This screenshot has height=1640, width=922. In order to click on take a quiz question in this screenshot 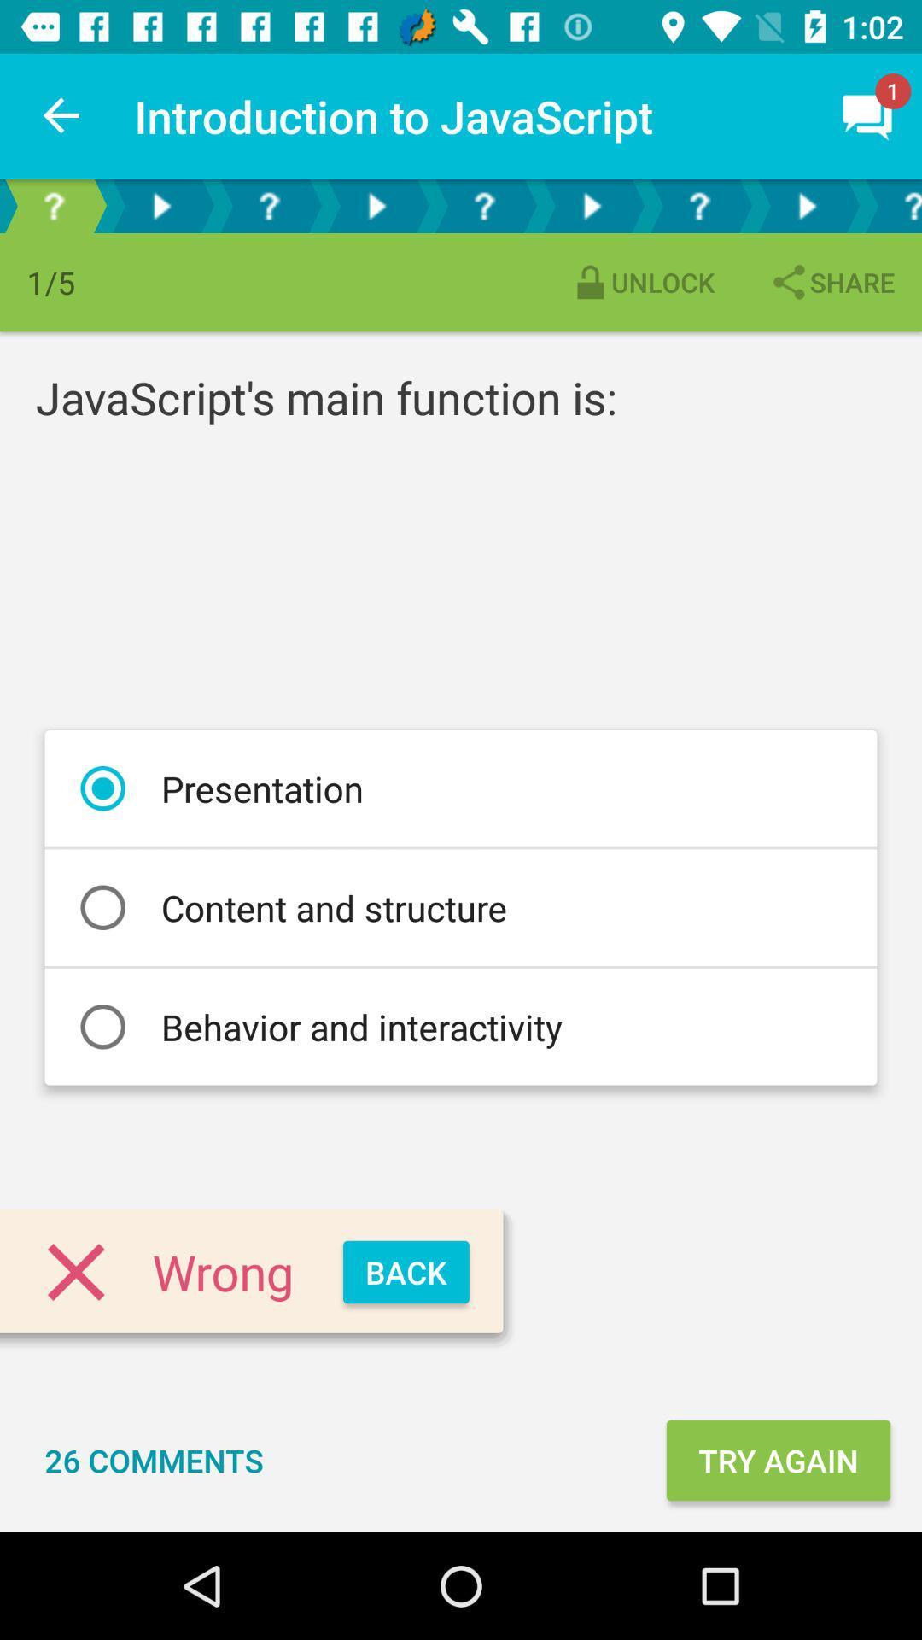, I will do `click(484, 205)`.